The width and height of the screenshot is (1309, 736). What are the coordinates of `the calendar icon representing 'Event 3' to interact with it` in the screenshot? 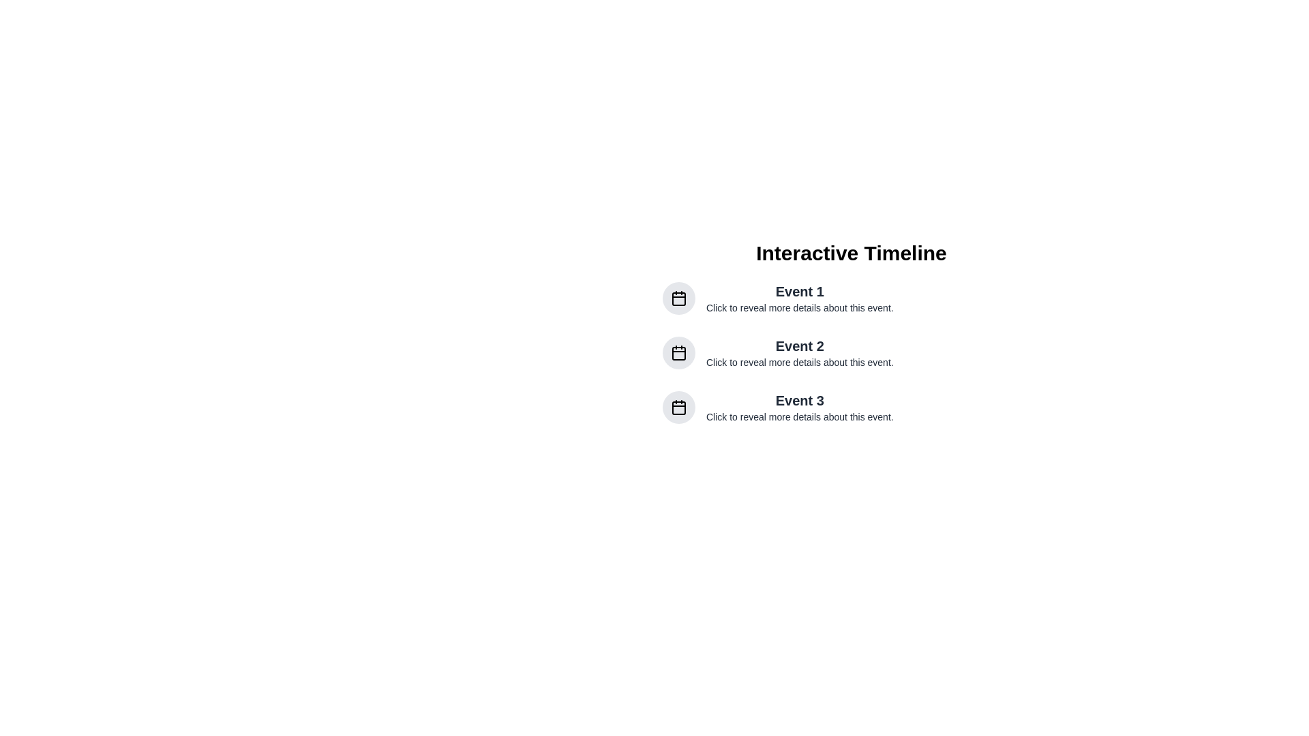 It's located at (679, 407).